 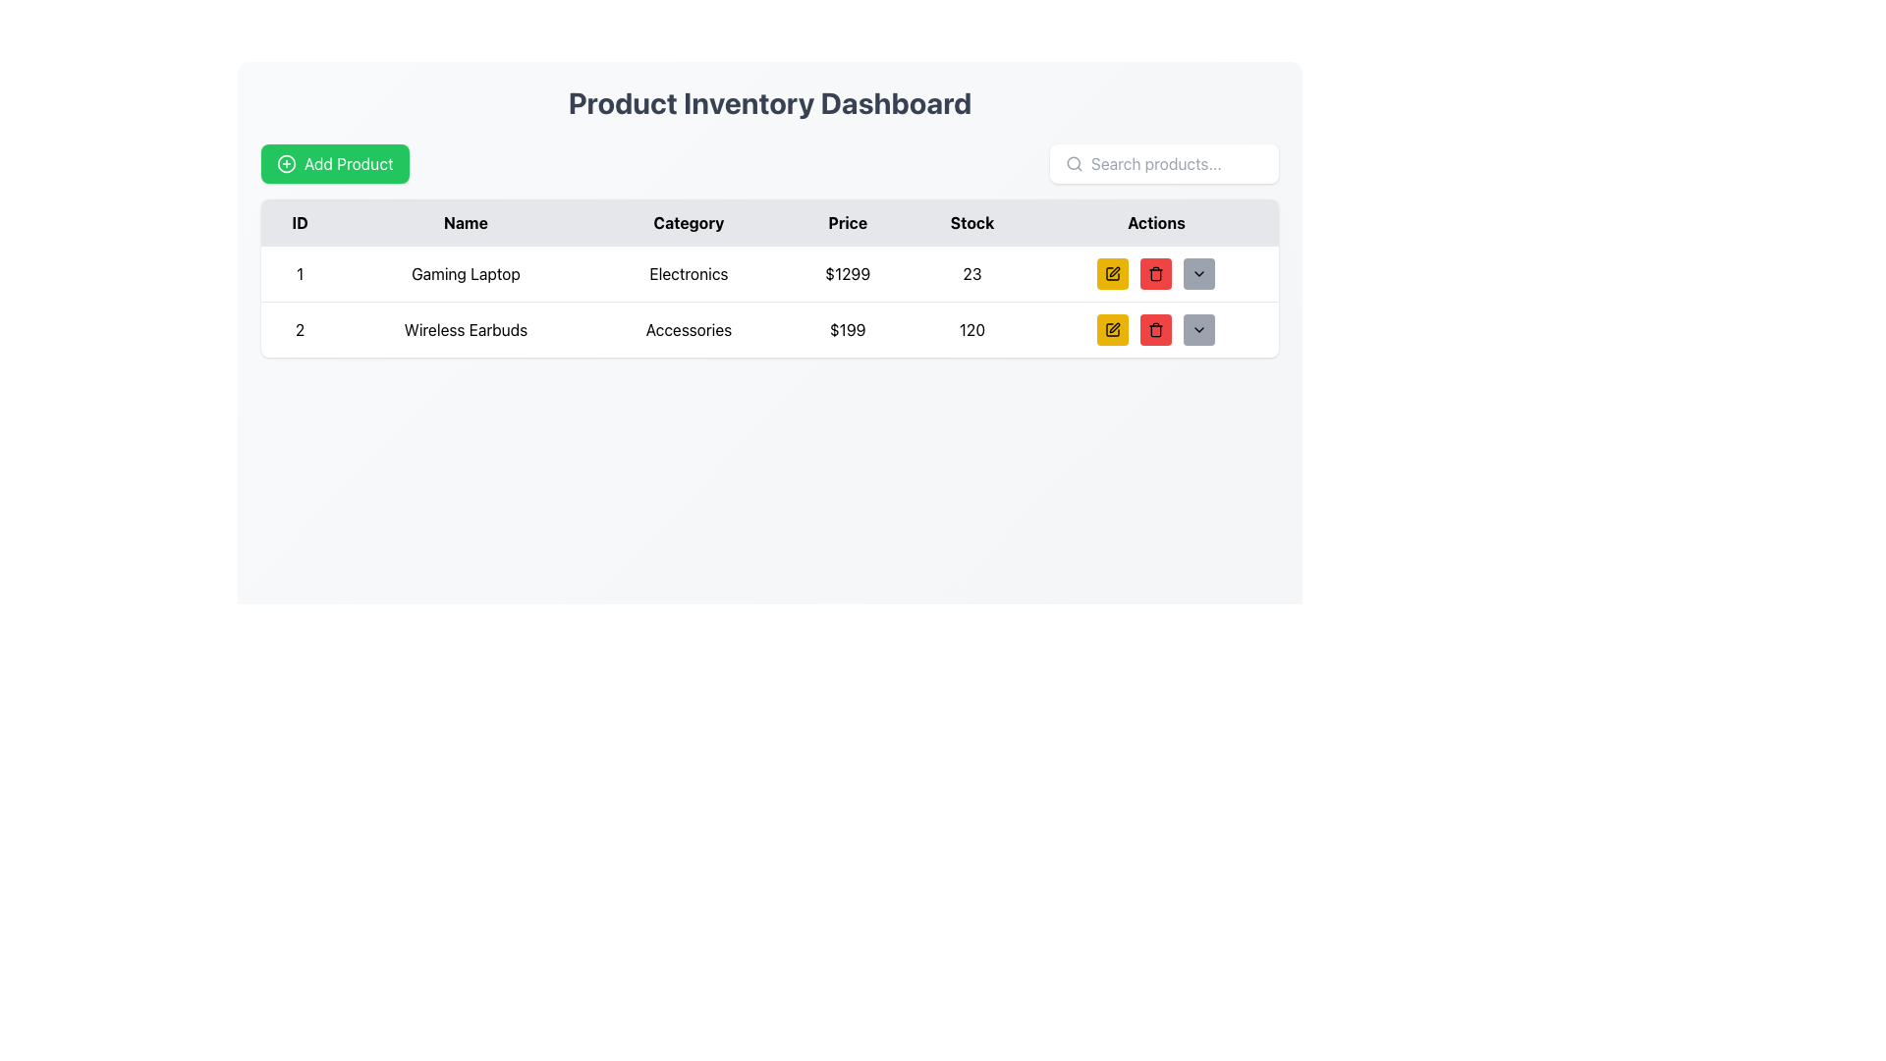 I want to click on the text displaying '$1299' which is located in the fourth column of the first row under the 'Price' header in the 'Gaming Laptop' table, so click(x=848, y=274).